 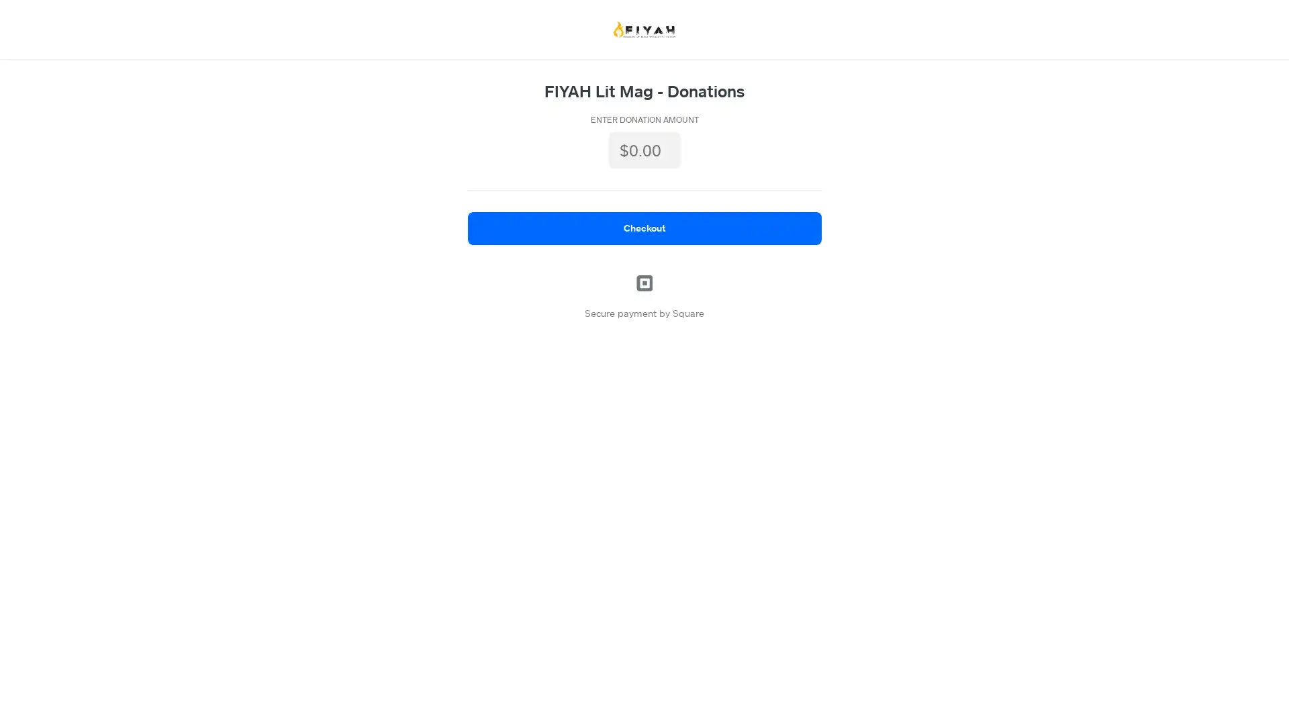 What do you see at coordinates (643, 227) in the screenshot?
I see `Checkout` at bounding box center [643, 227].